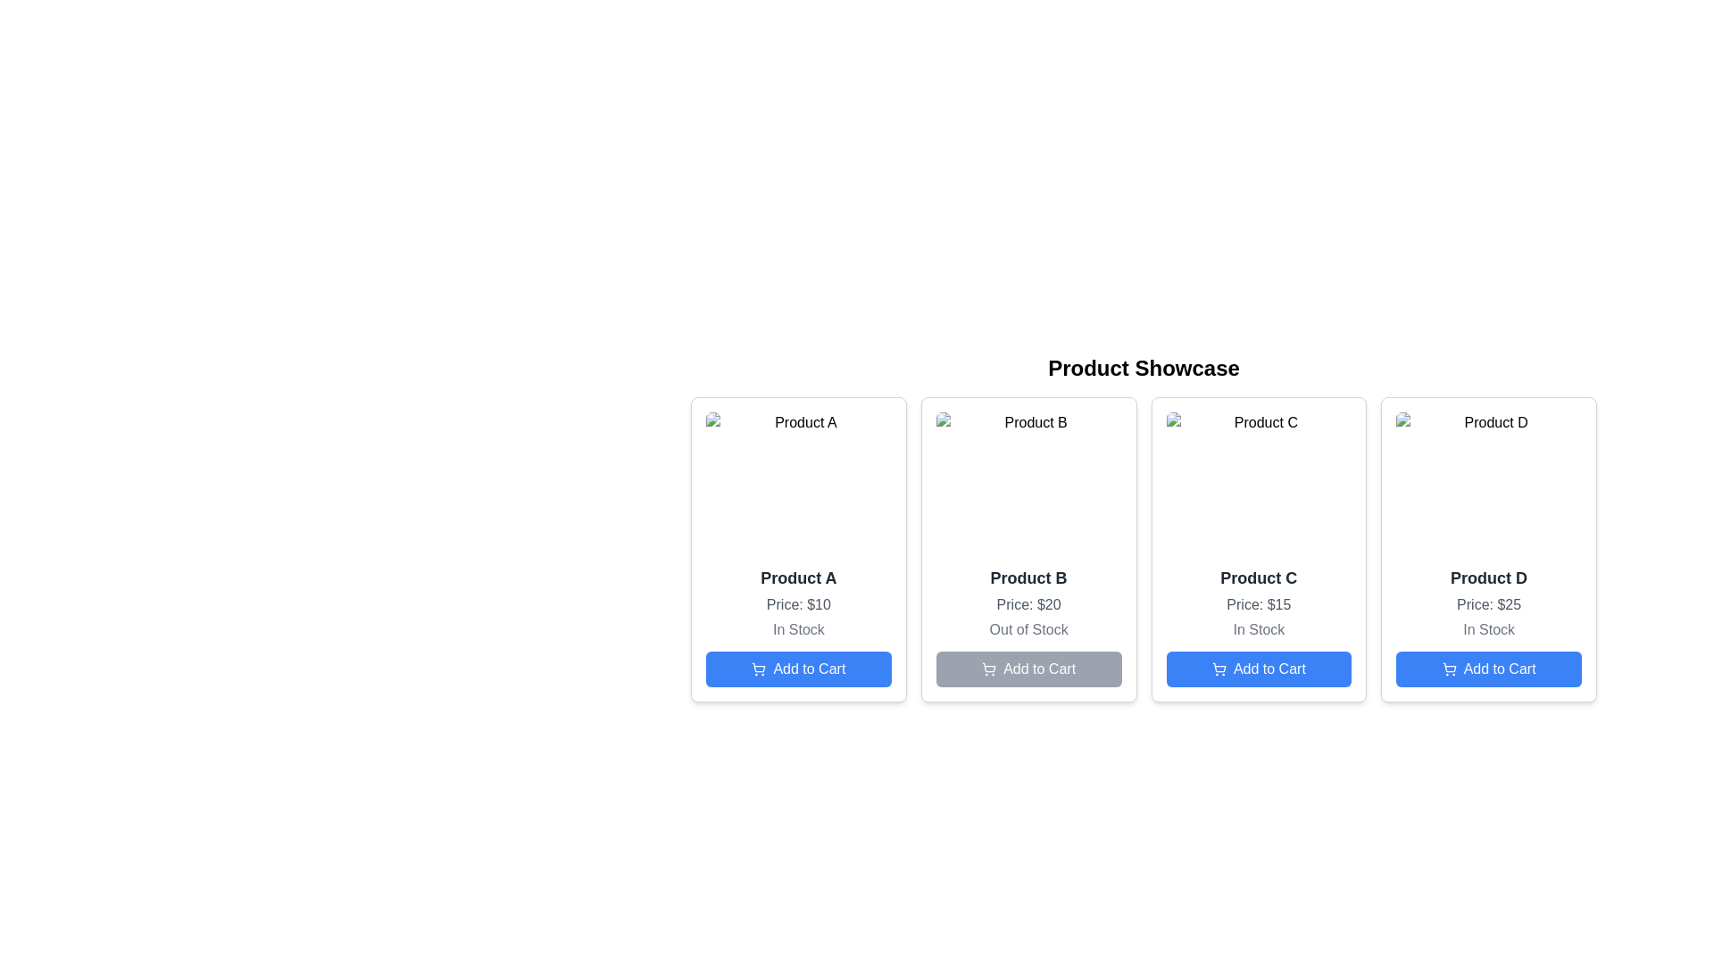  I want to click on the shopping cart icon located in the 'Add to Cart' button of the third product card labeled 'Product B', so click(988, 669).